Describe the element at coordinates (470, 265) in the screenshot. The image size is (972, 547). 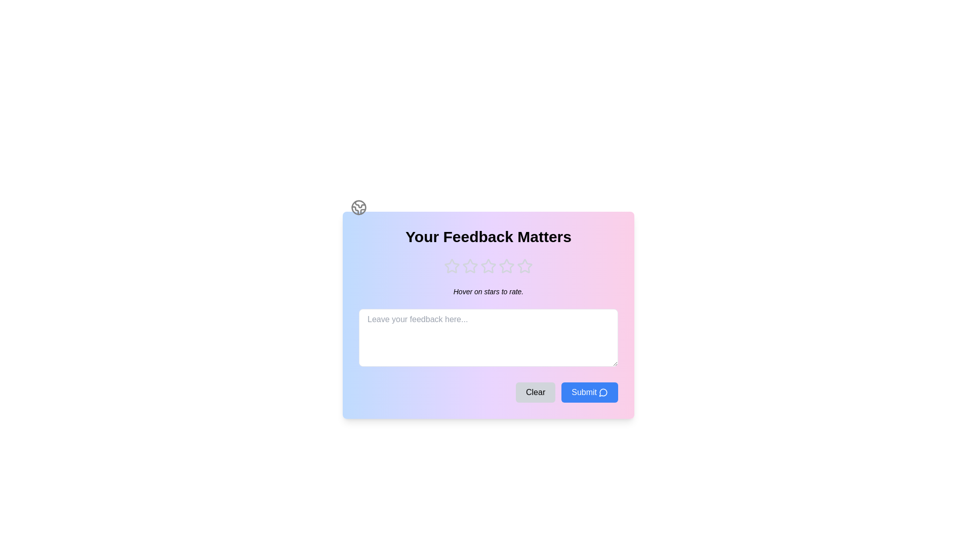
I see `the star rating to 2 by clicking on the respective star` at that location.